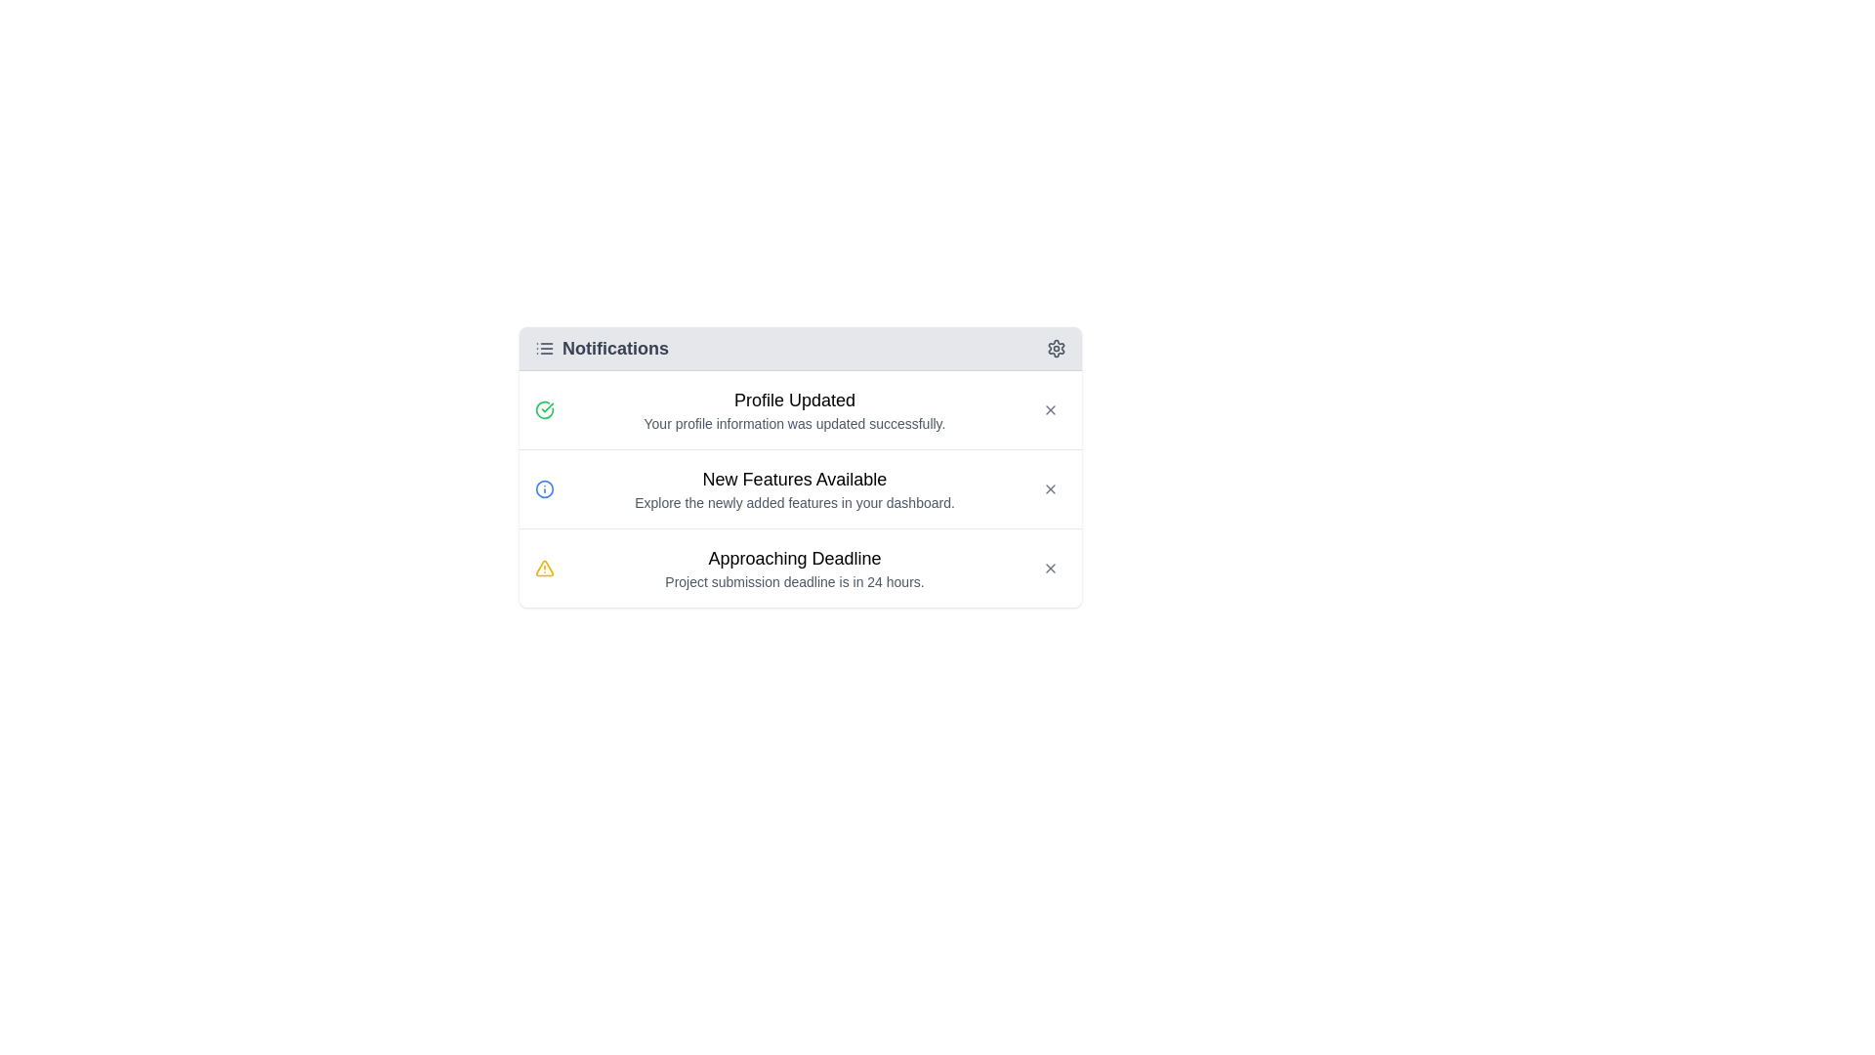 Image resolution: width=1875 pixels, height=1055 pixels. I want to click on auxiliary information text located within the notification card under the header 'New Features Available.' This text is positioned below a larger title text and above other notifications, so click(795, 502).